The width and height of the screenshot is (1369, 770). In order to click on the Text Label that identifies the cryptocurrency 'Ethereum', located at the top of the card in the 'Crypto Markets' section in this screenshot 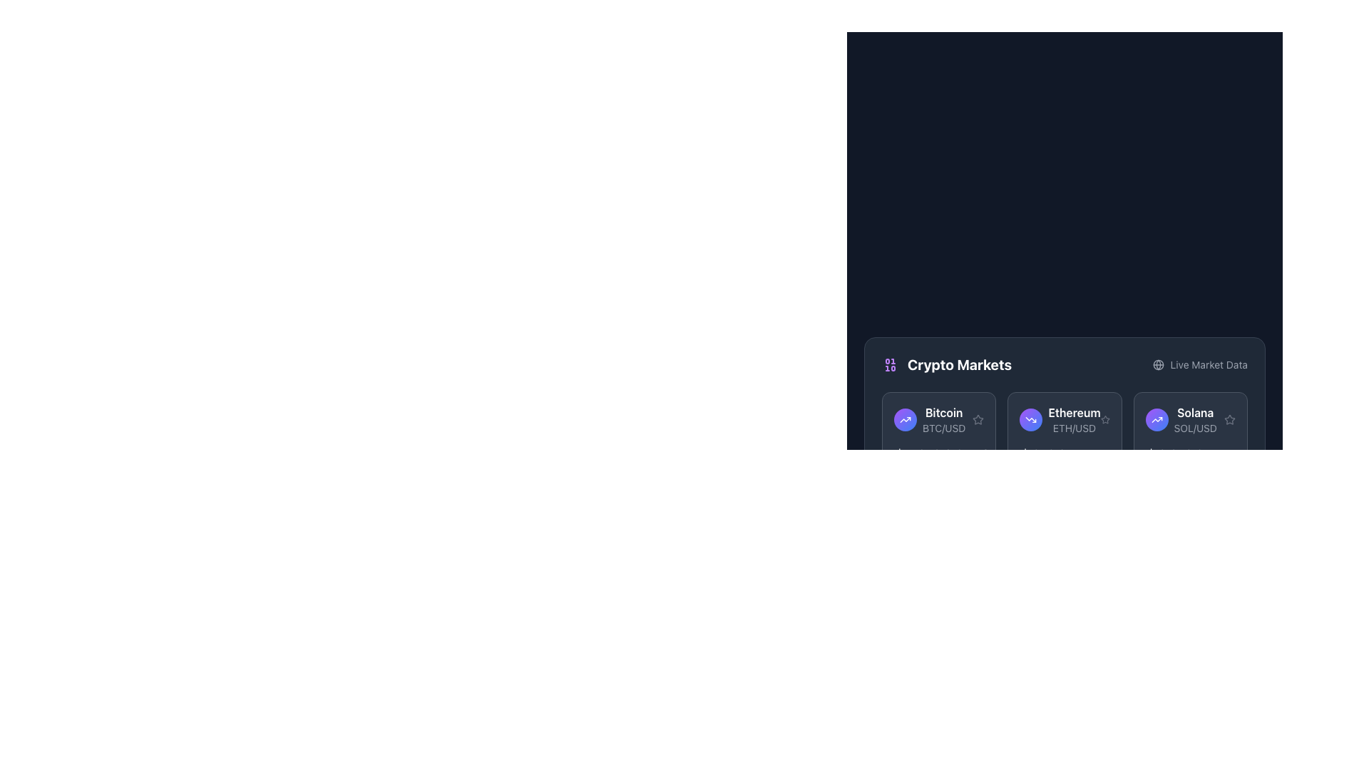, I will do `click(1075, 412)`.